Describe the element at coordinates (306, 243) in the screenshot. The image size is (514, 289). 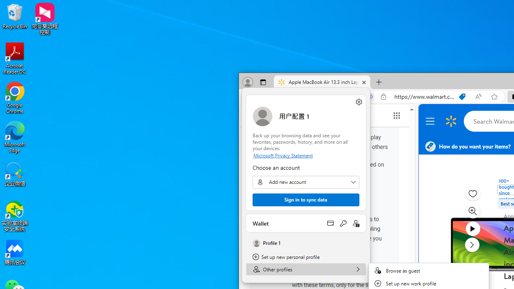
I see `'Profile 1'` at that location.